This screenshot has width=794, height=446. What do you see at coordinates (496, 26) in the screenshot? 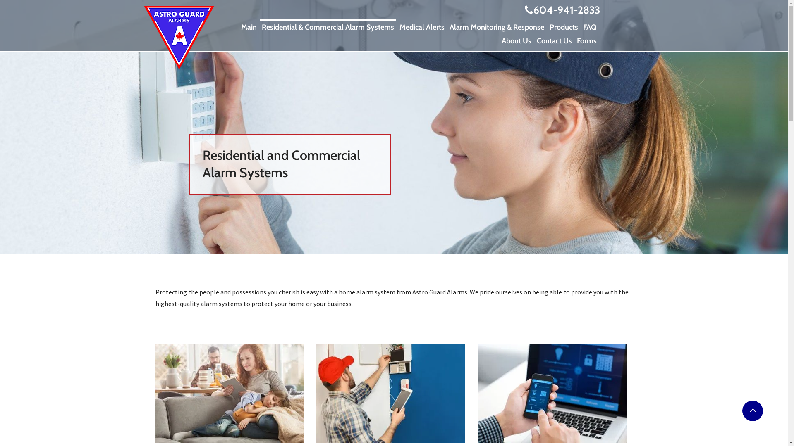
I see `'Alarm Monitoring & Response'` at bounding box center [496, 26].